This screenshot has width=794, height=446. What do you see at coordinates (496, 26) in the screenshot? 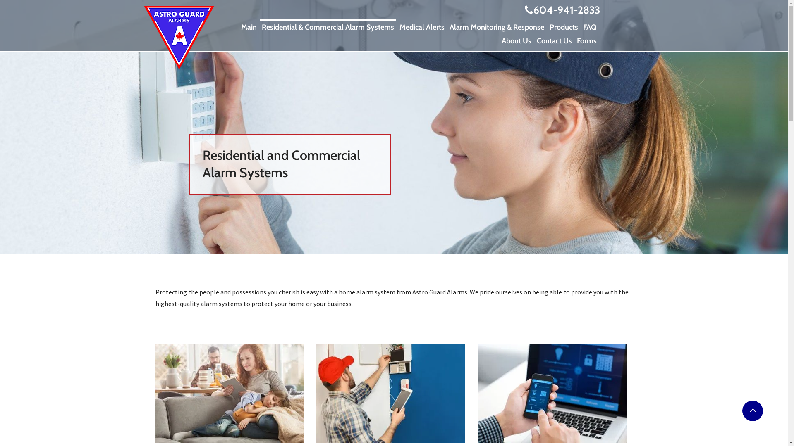
I see `'Alarm Monitoring & Response'` at bounding box center [496, 26].